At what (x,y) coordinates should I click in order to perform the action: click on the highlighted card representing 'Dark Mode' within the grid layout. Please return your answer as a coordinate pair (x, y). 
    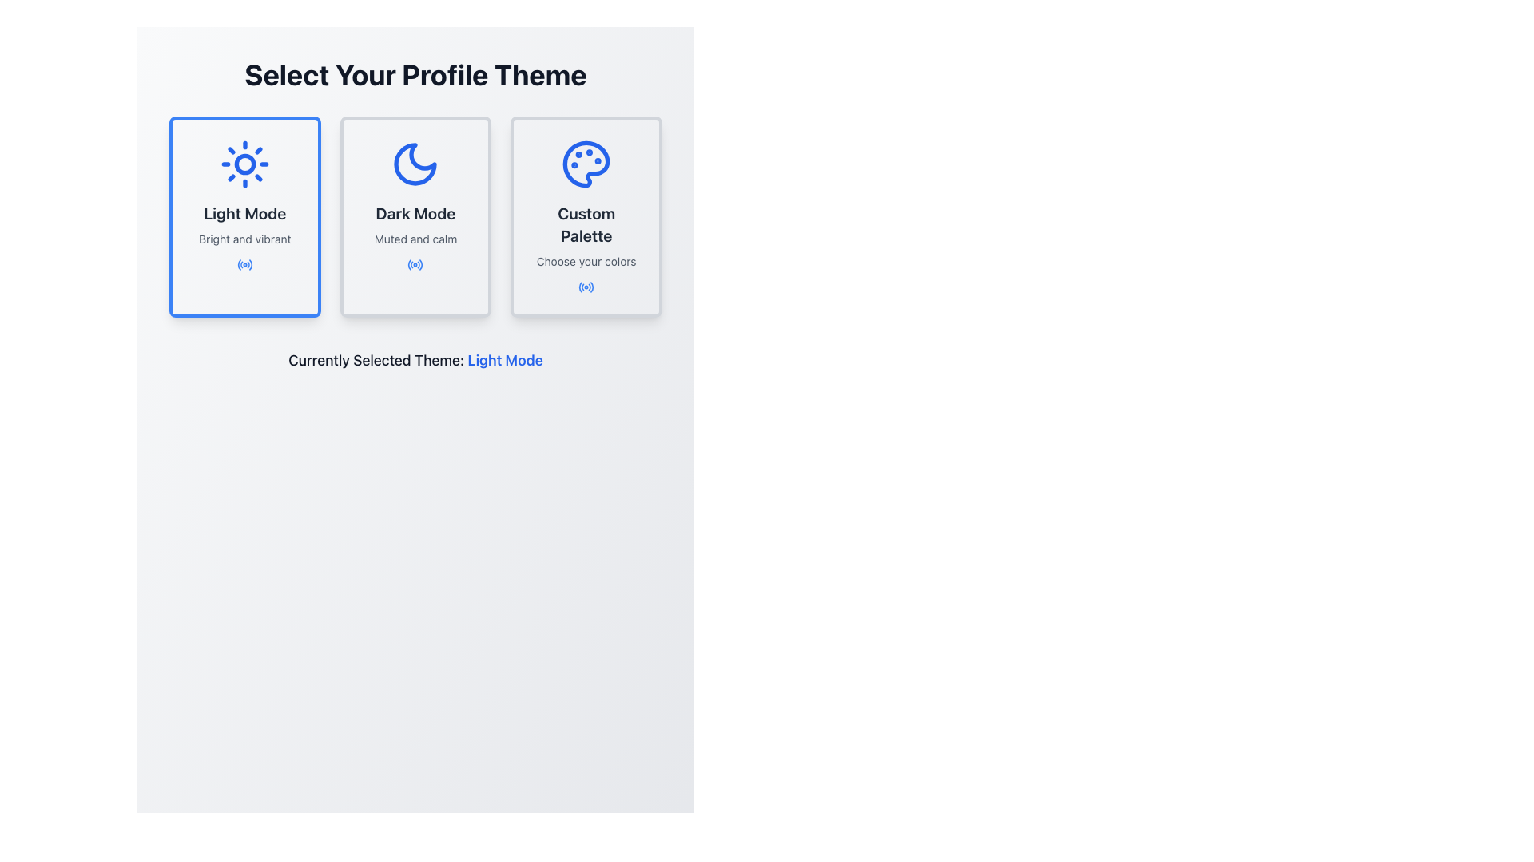
    Looking at the image, I should click on (415, 217).